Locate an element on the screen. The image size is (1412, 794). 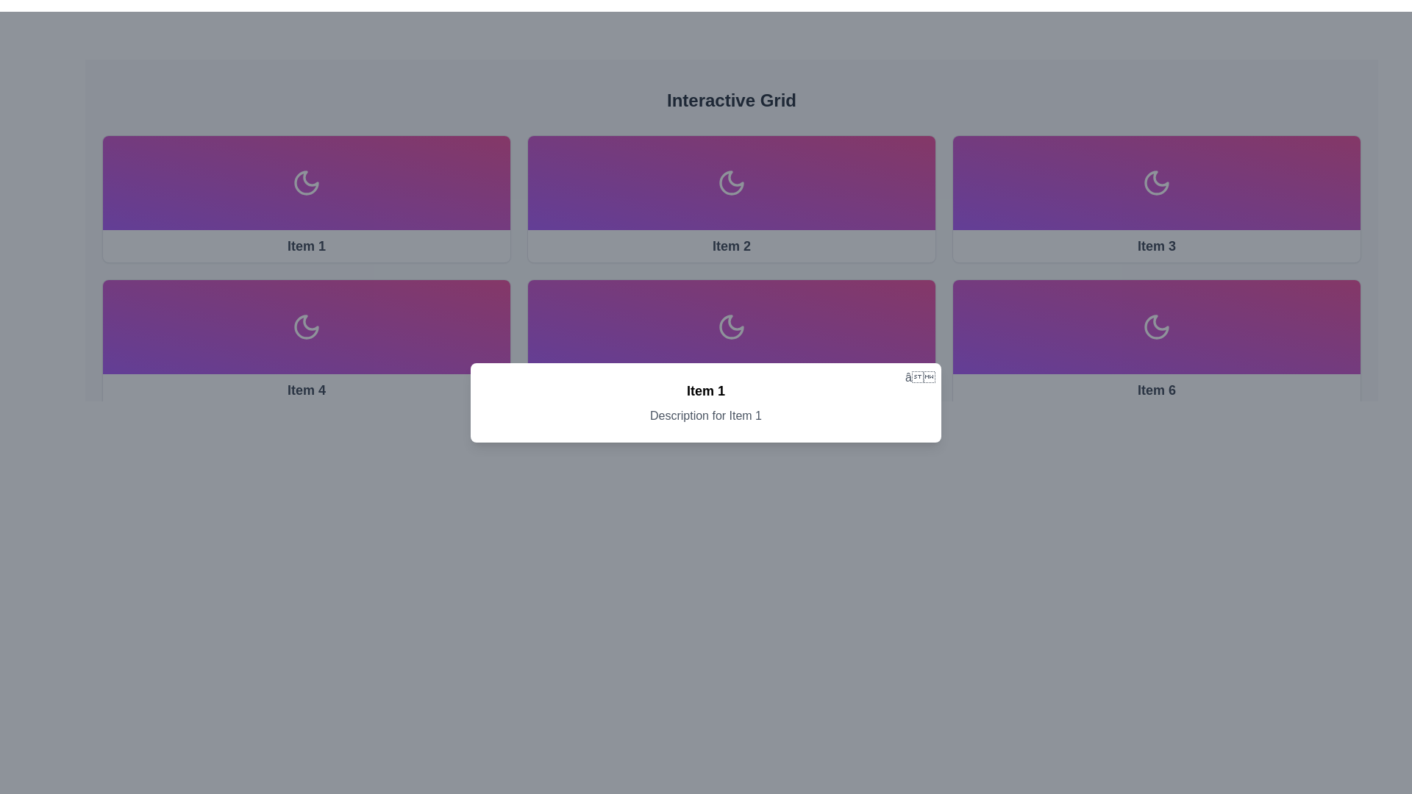
the crescent moon icon, which is located in the center column of the top row in a grid layout, above the label 'Item 2', and is part of a highlighted card with a rounded rectangular shape is located at coordinates (731, 182).